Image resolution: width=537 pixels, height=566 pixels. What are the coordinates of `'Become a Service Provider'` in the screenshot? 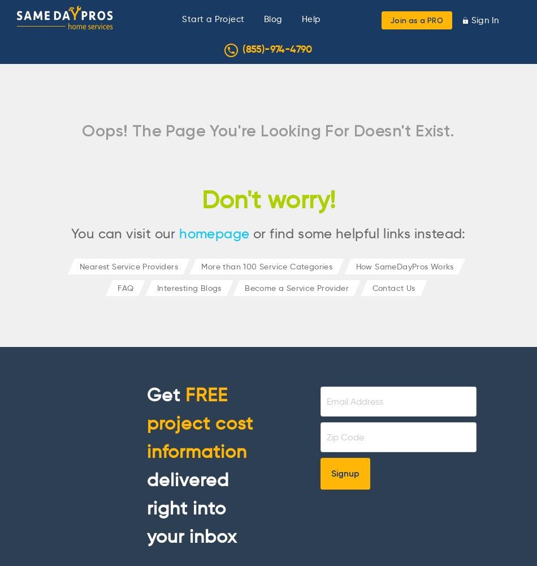 It's located at (296, 288).